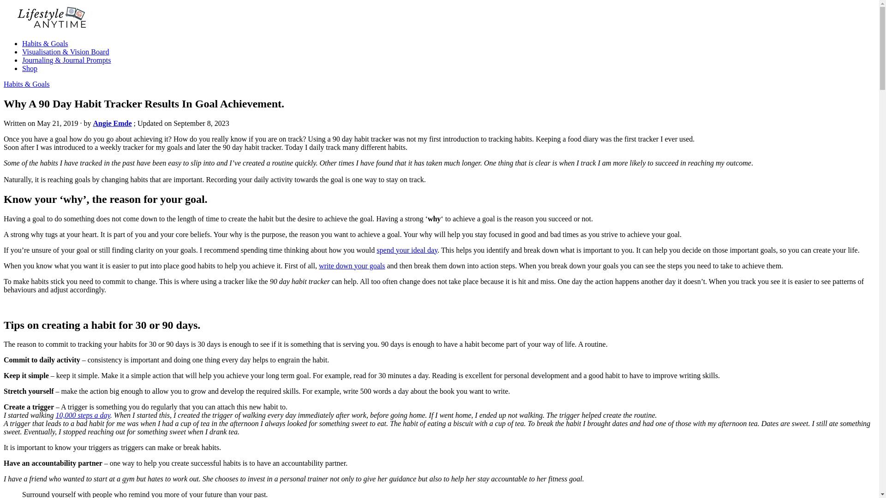 The height and width of the screenshot is (498, 886). What do you see at coordinates (44, 43) in the screenshot?
I see `'Habits & Goals'` at bounding box center [44, 43].